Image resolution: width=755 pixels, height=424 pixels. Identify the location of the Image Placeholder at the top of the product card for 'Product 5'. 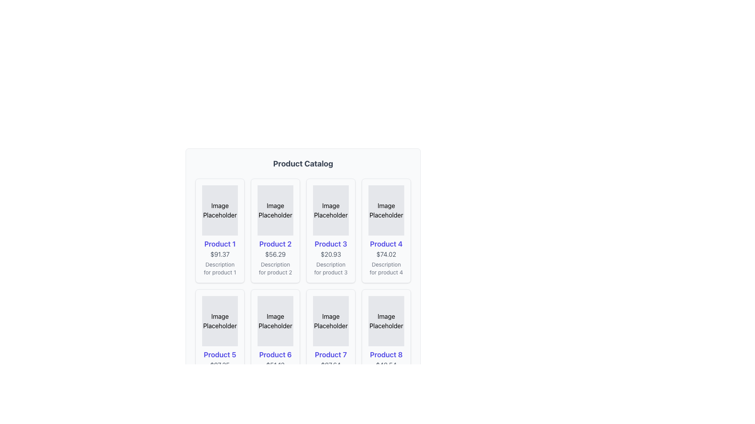
(220, 321).